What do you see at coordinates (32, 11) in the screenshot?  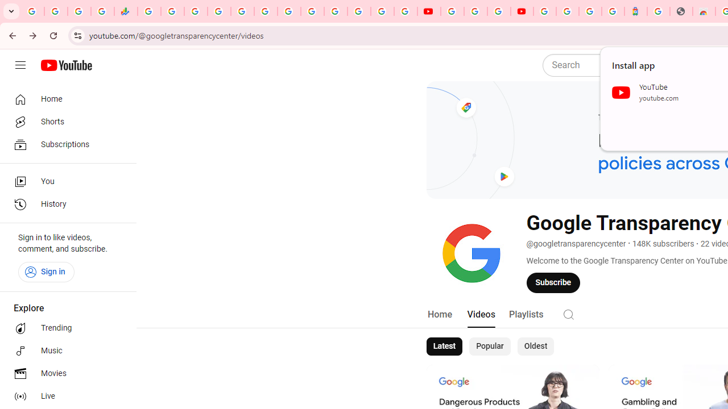 I see `'Google Workspace Admin Community'` at bounding box center [32, 11].